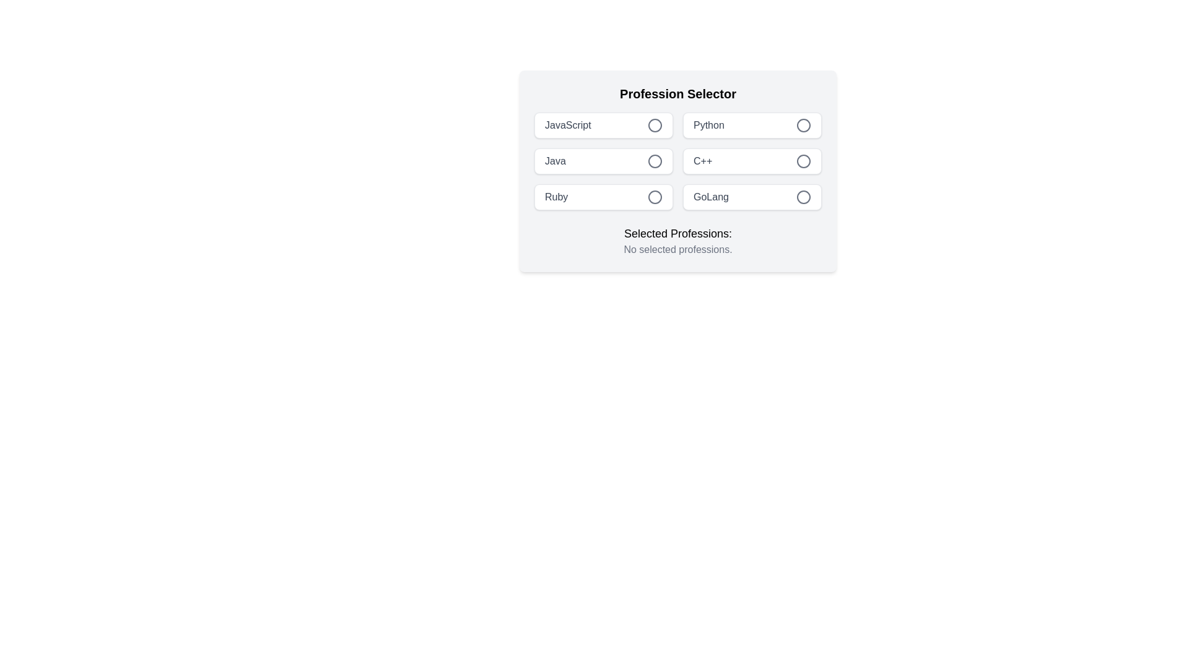  What do you see at coordinates (654, 126) in the screenshot?
I see `the circular radio button next to the 'JavaScript' label` at bounding box center [654, 126].